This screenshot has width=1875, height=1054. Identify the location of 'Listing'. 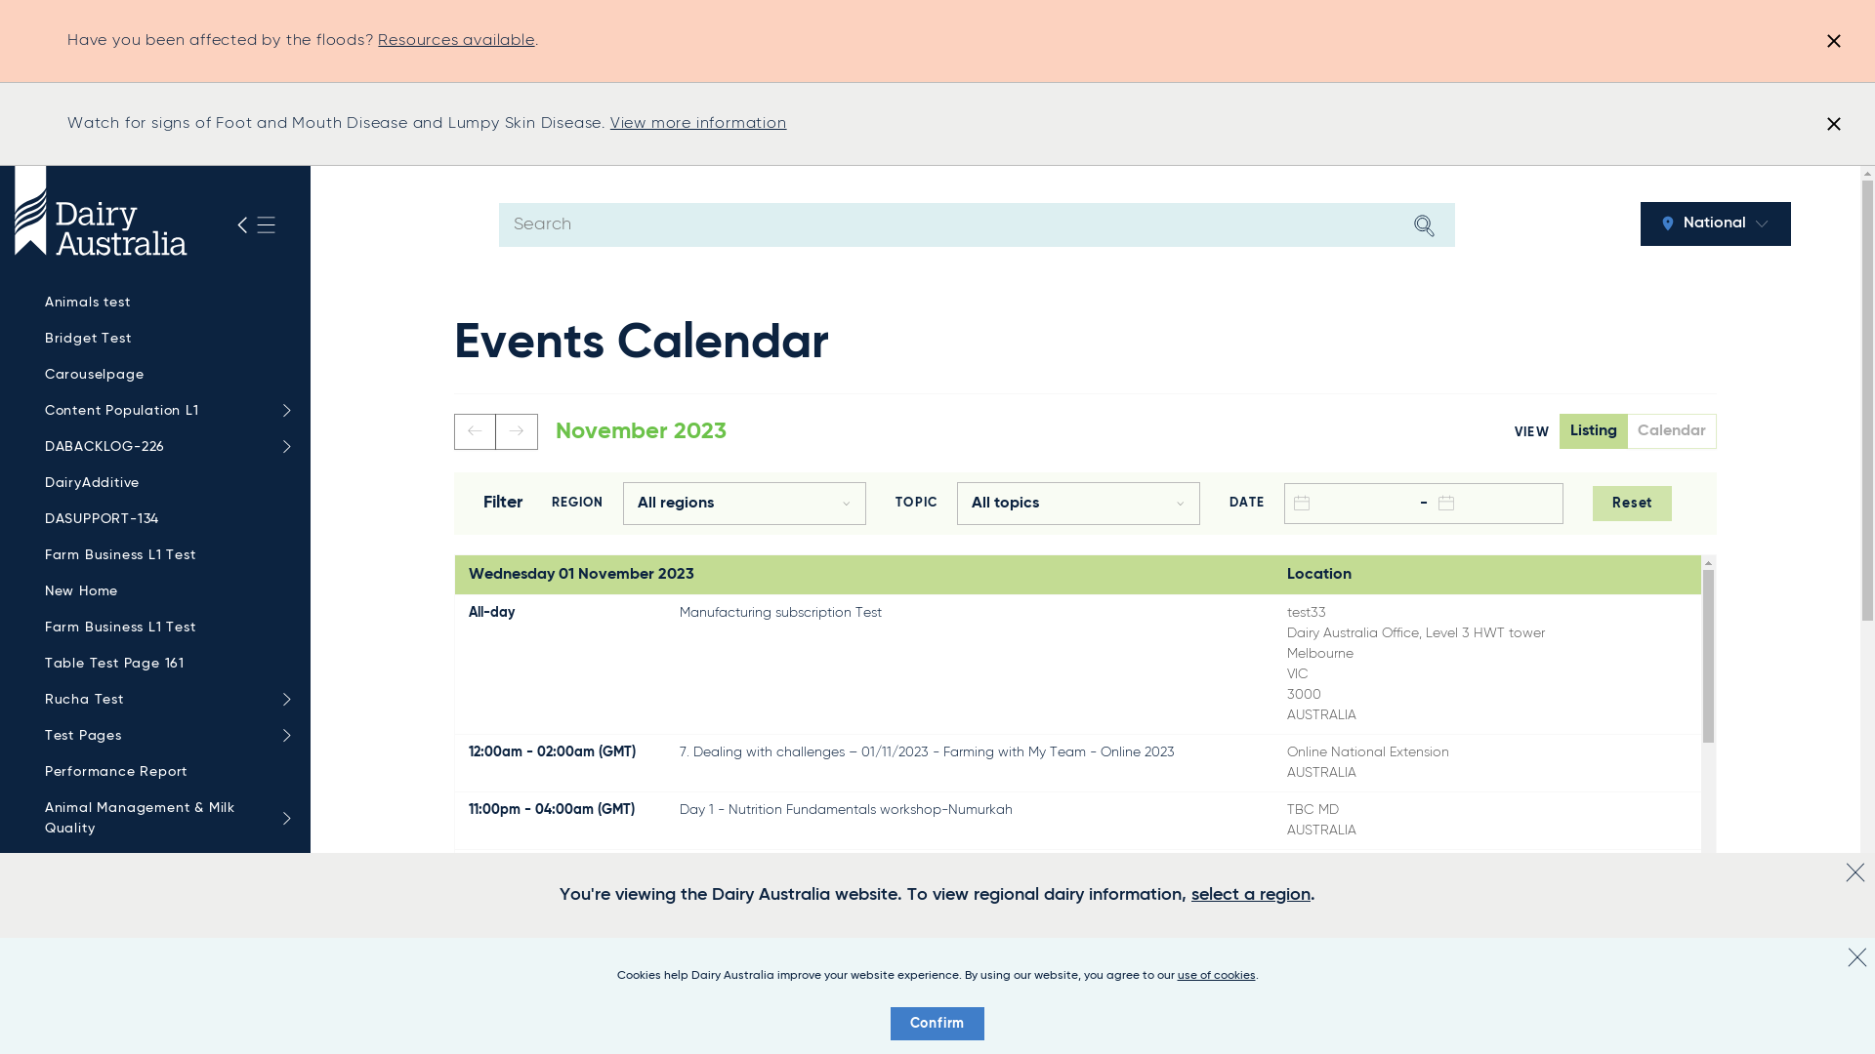
(1594, 430).